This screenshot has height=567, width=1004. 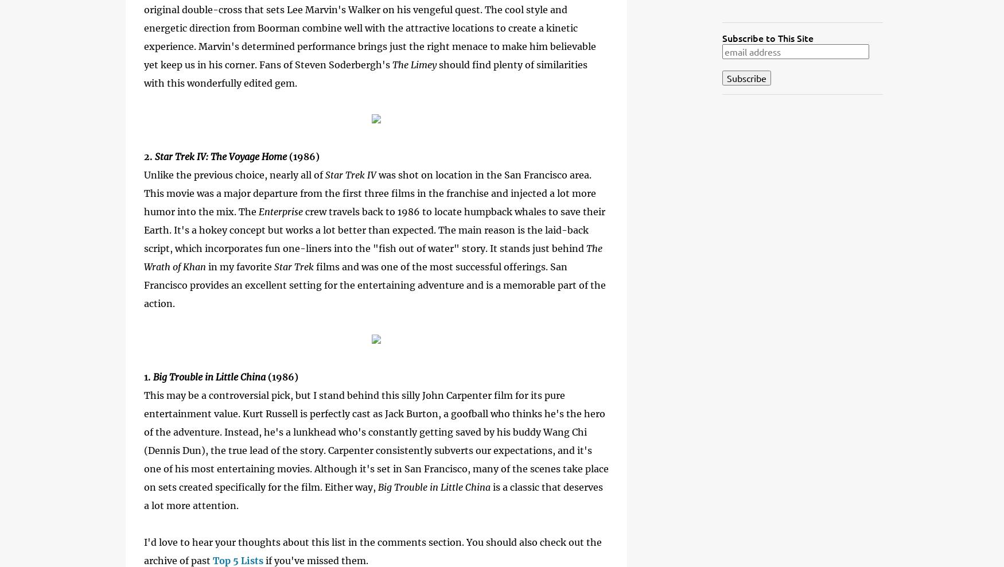 What do you see at coordinates (315, 561) in the screenshot?
I see `'if you've missed them.'` at bounding box center [315, 561].